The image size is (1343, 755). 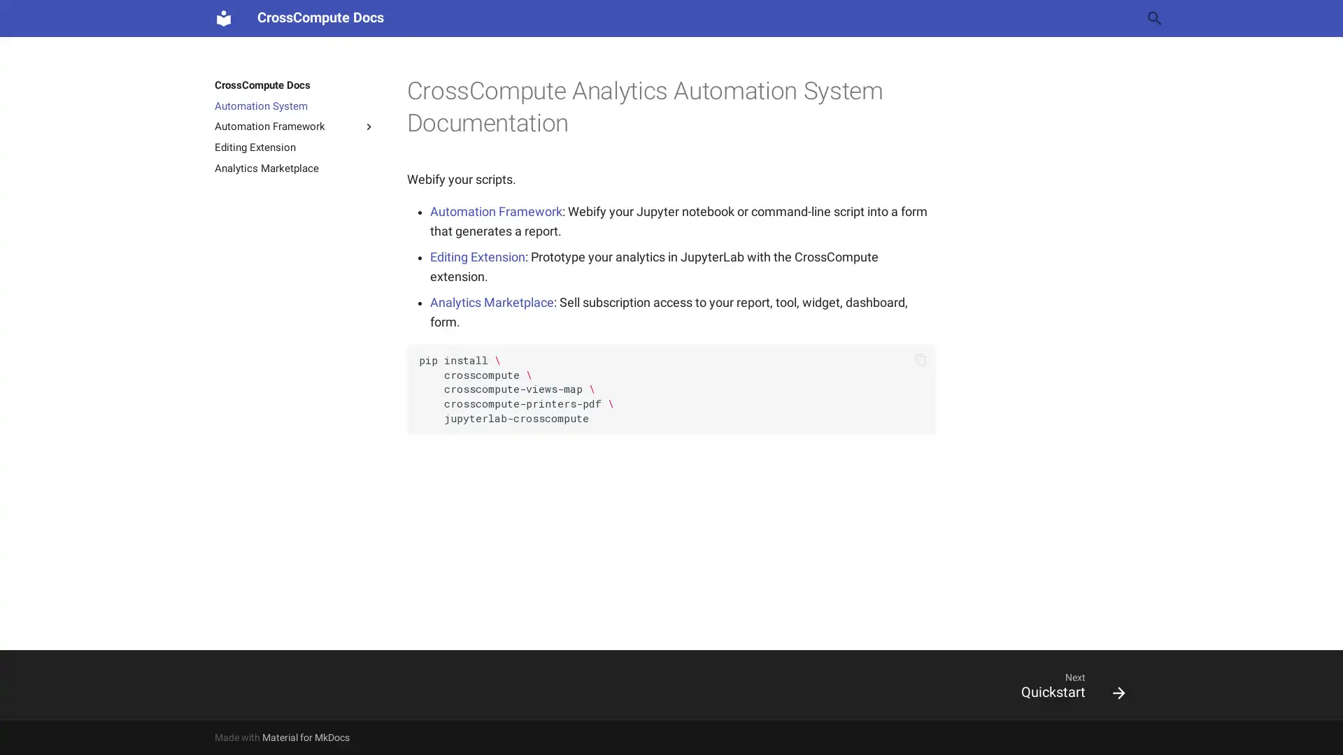 I want to click on Clear, so click(x=1121, y=18).